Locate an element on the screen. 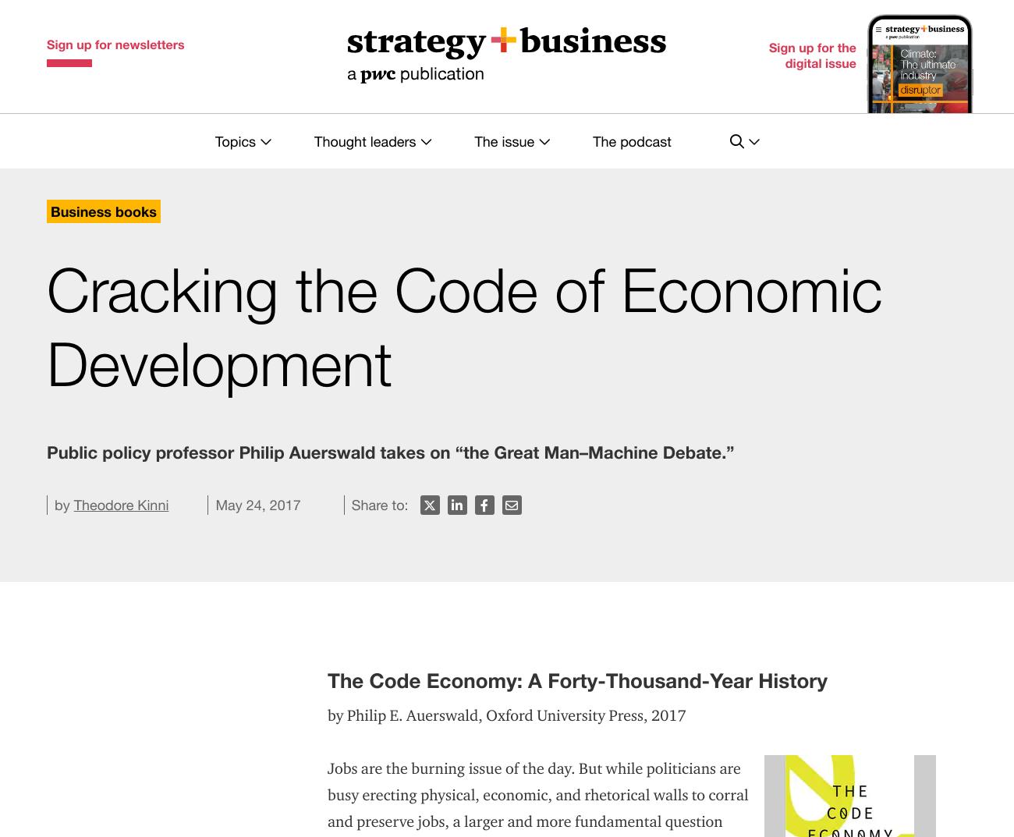 This screenshot has height=837, width=1014. '+' is located at coordinates (49, 751).